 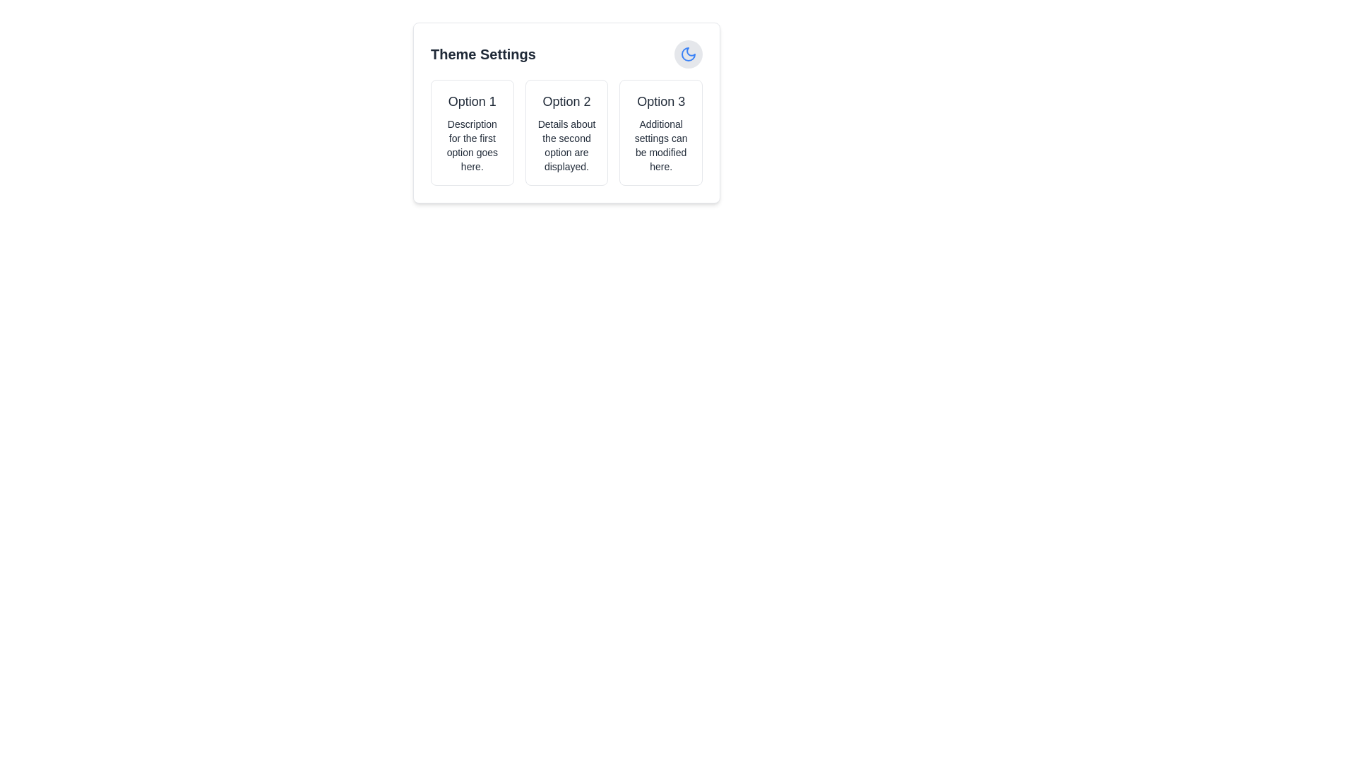 What do you see at coordinates (688, 54) in the screenshot?
I see `the circular crescent moon icon with a blue stroke located in the top-right corner of the card labeled 'Theme Settings'` at bounding box center [688, 54].